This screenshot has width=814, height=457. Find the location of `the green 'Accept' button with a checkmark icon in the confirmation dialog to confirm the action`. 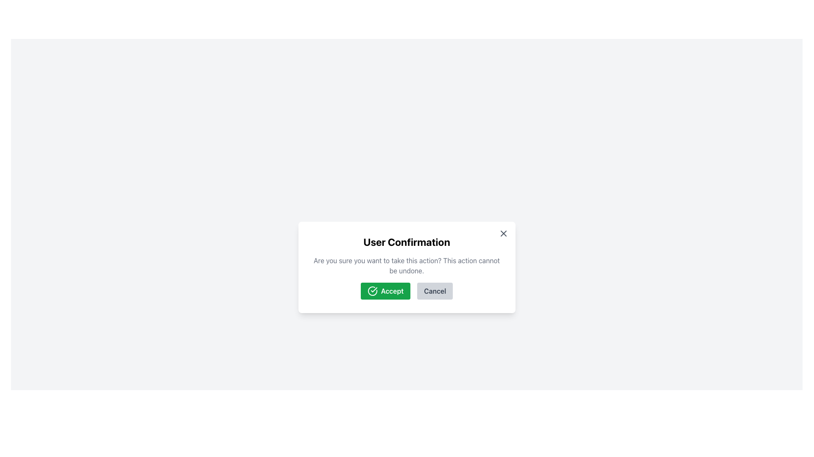

the green 'Accept' button with a checkmark icon in the confirmation dialog to confirm the action is located at coordinates (385, 290).